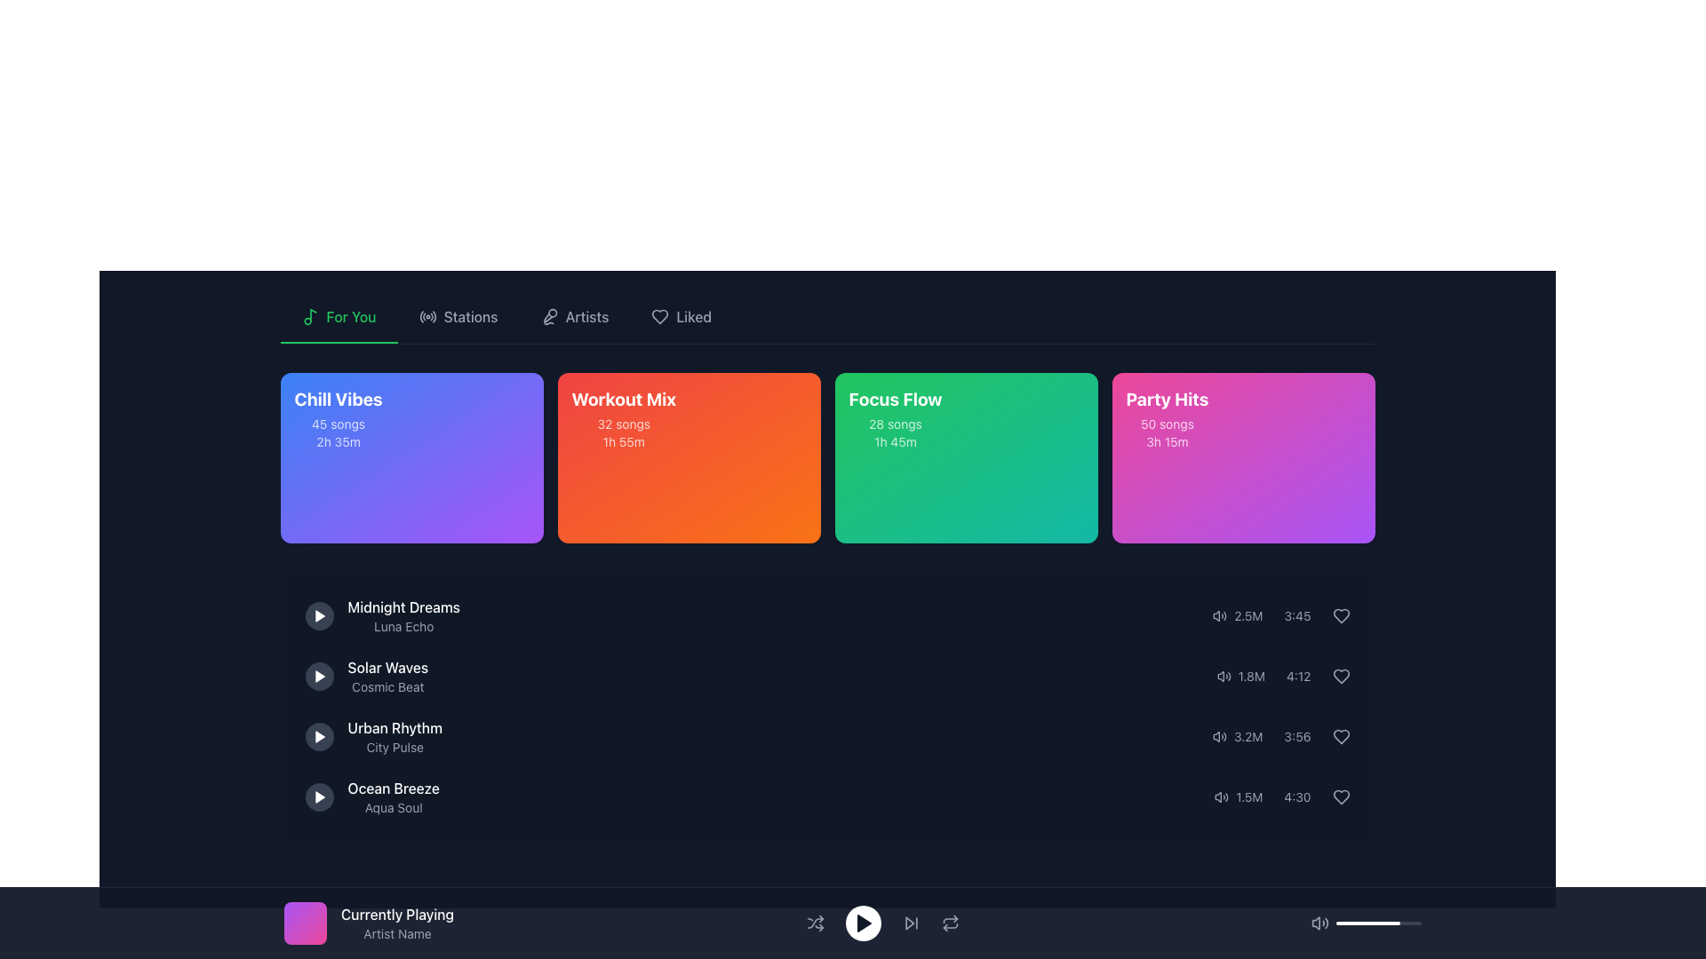 The image size is (1706, 959). I want to click on the static text label displaying '50 songs', which is located below the 'Party Hits' label and above the '3h 15m' duration label, so click(1168, 424).